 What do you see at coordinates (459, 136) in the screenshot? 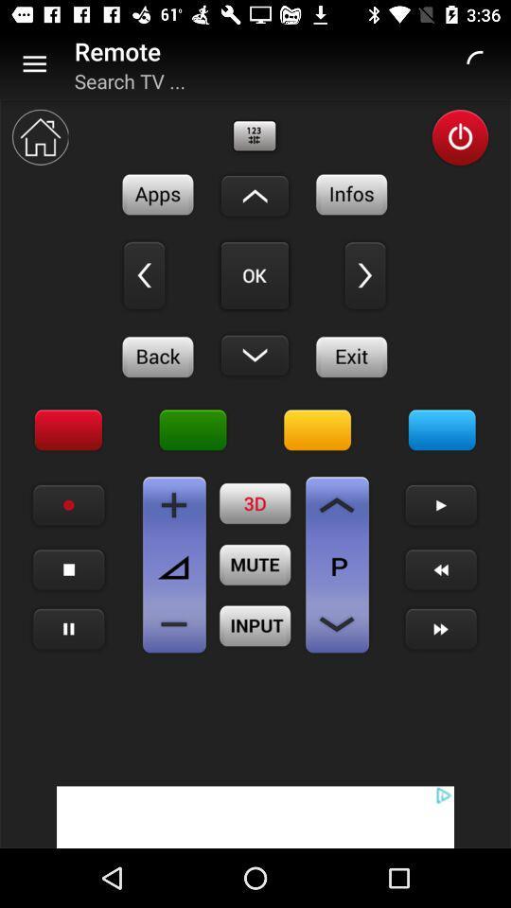
I see `turn power on` at bounding box center [459, 136].